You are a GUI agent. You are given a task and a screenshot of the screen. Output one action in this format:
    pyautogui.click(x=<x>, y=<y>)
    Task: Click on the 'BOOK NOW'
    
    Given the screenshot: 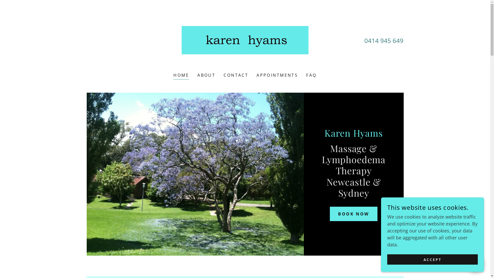 What is the action you would take?
    pyautogui.click(x=353, y=214)
    